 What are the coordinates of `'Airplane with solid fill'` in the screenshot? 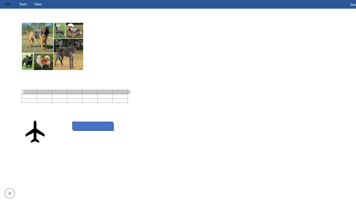 It's located at (35, 132).